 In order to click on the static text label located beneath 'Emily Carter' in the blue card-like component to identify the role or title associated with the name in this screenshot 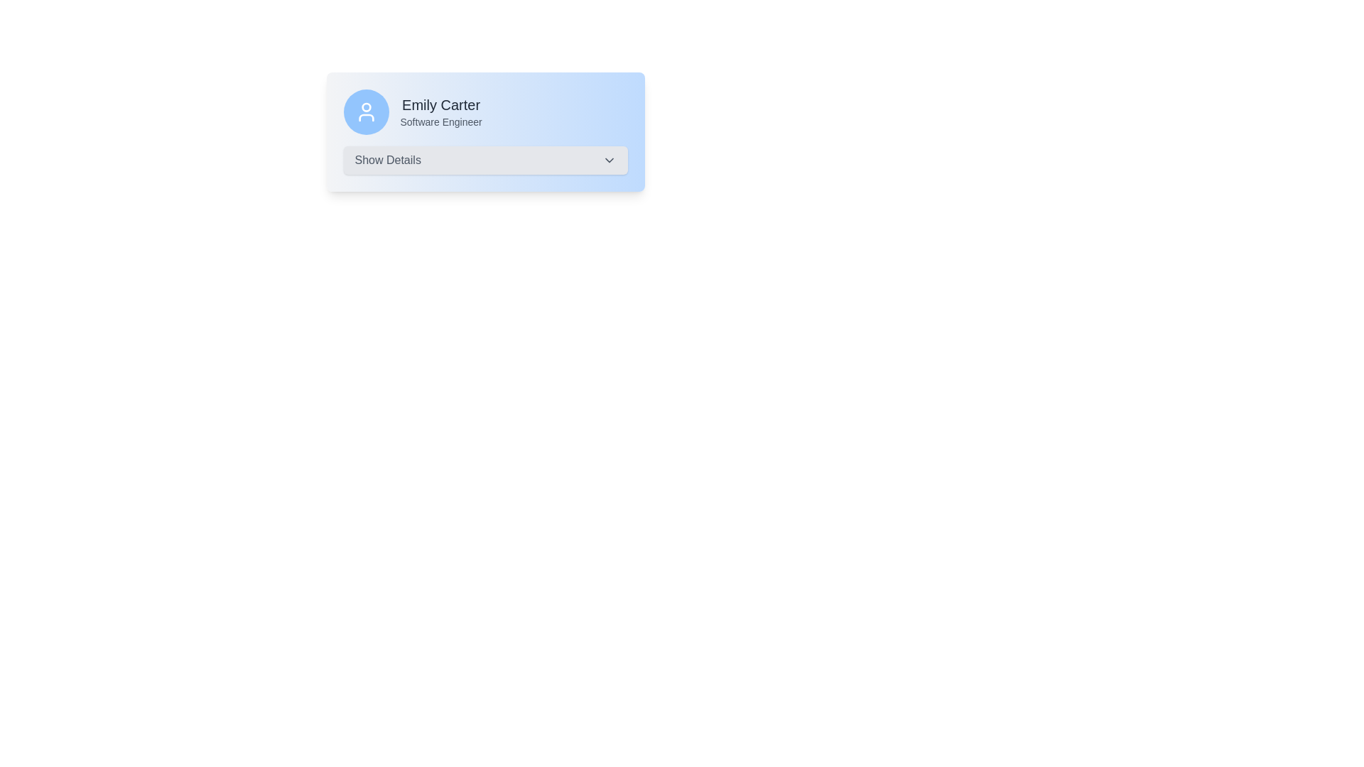, I will do `click(440, 121)`.